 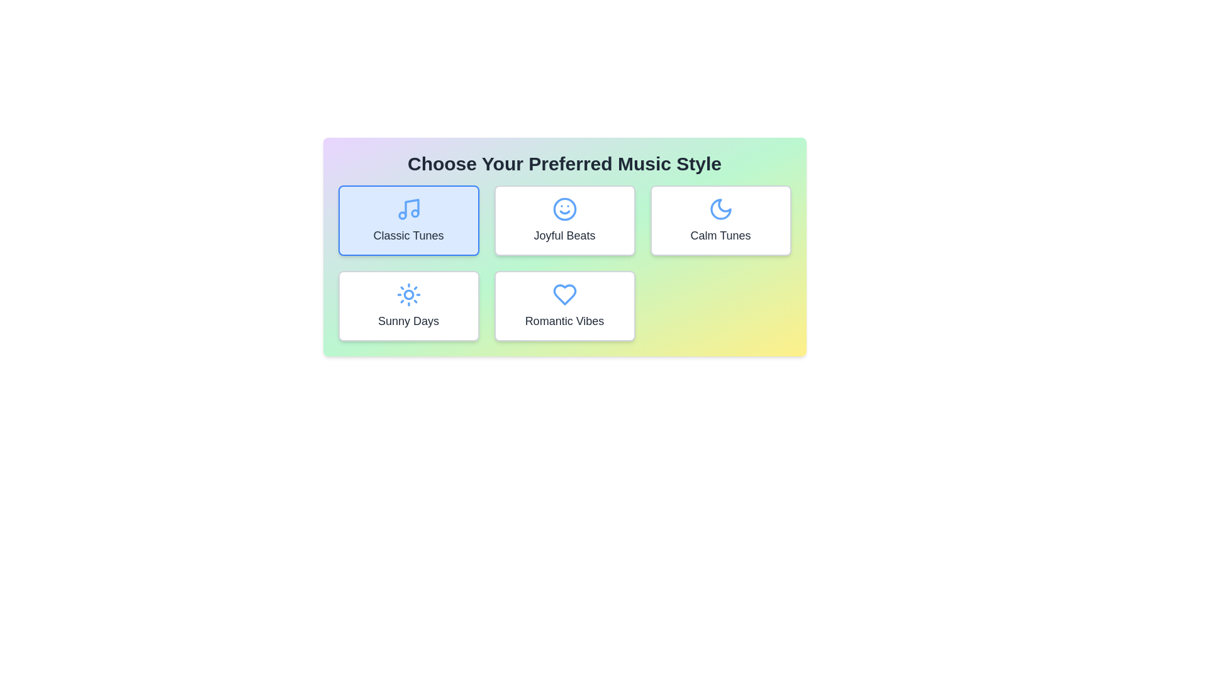 What do you see at coordinates (408, 208) in the screenshot?
I see `the music note icon with blue strokes located in the upper-left corner of the 'Classic Tunes' card` at bounding box center [408, 208].